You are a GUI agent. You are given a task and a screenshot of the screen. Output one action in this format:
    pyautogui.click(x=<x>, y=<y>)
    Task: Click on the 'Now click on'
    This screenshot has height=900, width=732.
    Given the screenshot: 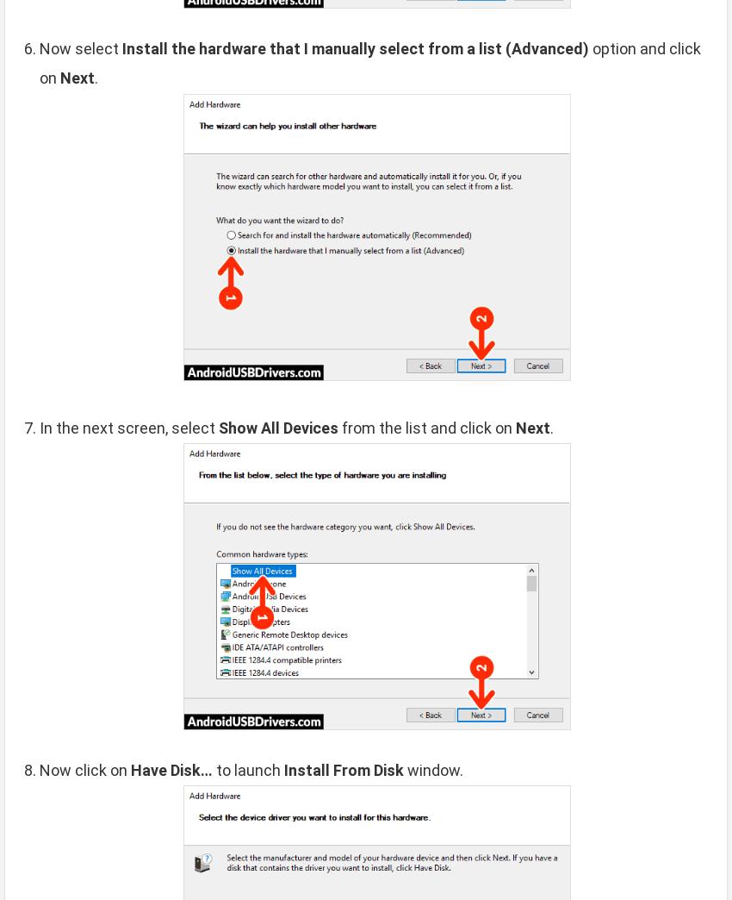 What is the action you would take?
    pyautogui.click(x=84, y=770)
    